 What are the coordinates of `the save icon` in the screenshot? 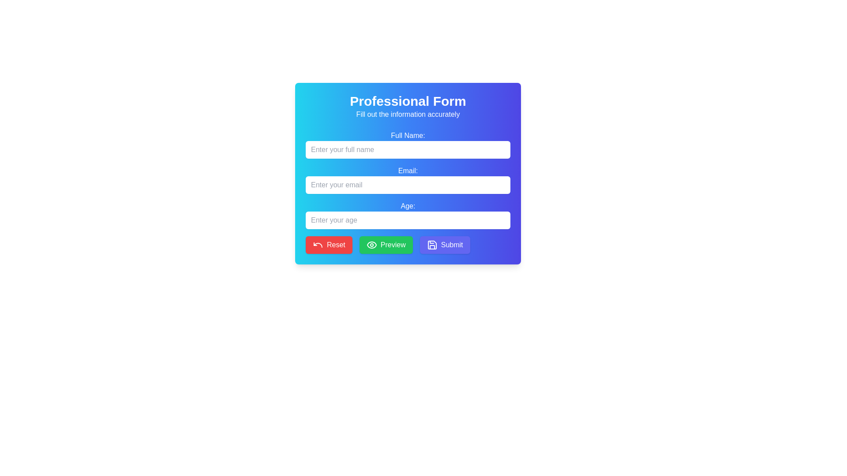 It's located at (432, 245).